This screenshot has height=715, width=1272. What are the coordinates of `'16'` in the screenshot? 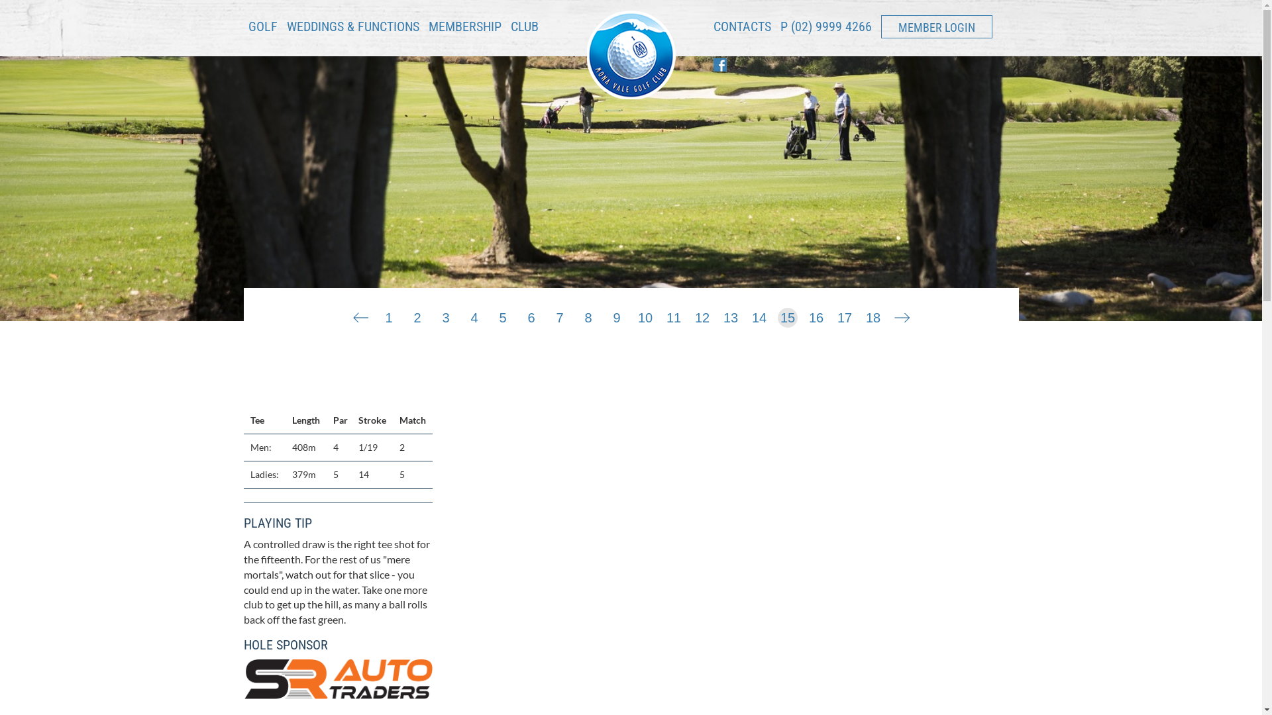 It's located at (816, 314).